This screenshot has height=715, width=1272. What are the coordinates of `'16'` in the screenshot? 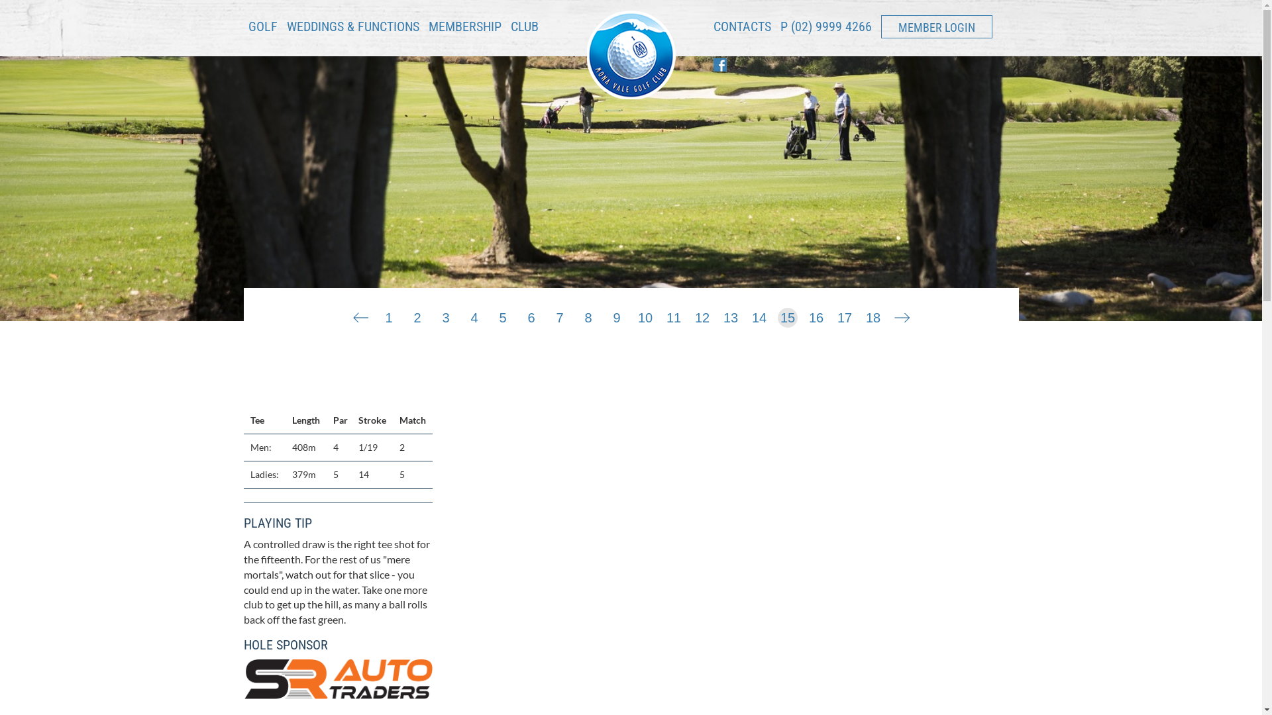 It's located at (816, 314).